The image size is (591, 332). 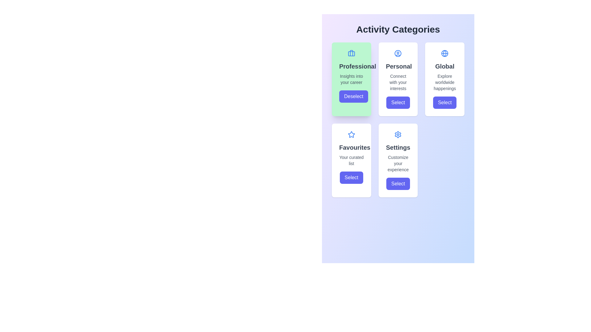 I want to click on the decorative icon representing the 'Settings' category, located in the bottom-right section of the grid of activity categories, so click(x=398, y=134).